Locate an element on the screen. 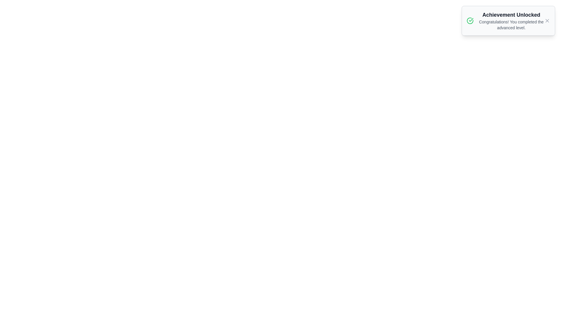  the notification icon to inspect it is located at coordinates (470, 20).